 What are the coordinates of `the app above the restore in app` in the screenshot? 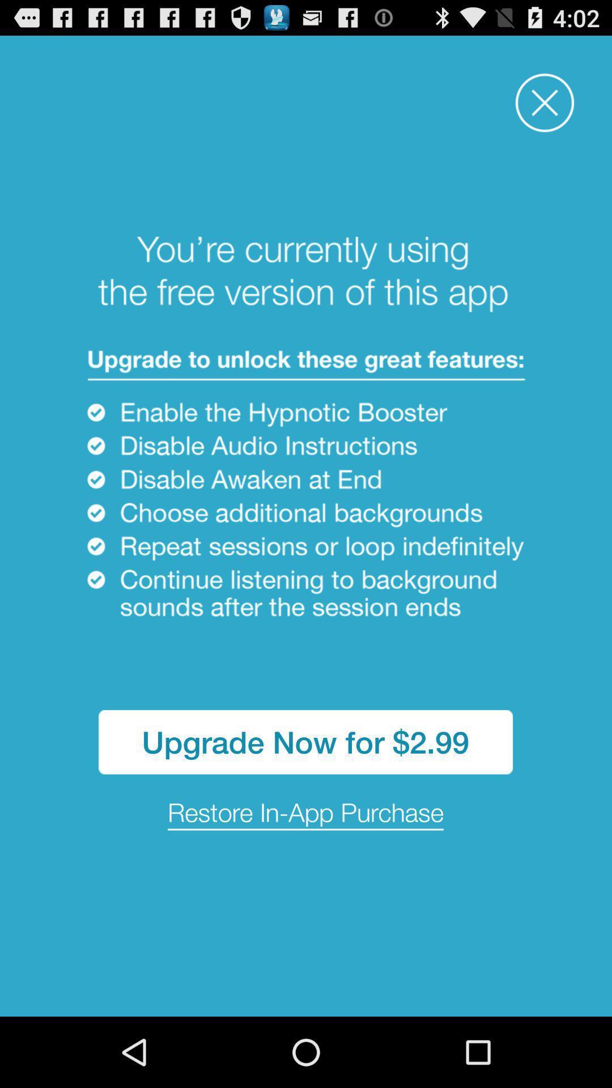 It's located at (305, 742).